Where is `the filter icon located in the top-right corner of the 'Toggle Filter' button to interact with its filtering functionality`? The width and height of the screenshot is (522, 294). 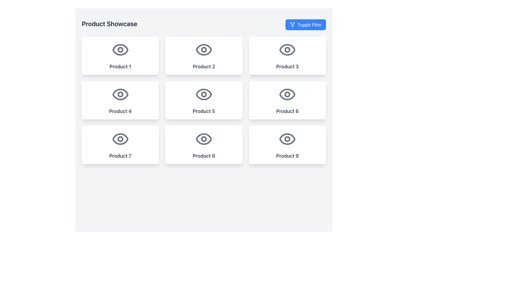 the filter icon located in the top-right corner of the 'Toggle Filter' button to interact with its filtering functionality is located at coordinates (292, 25).